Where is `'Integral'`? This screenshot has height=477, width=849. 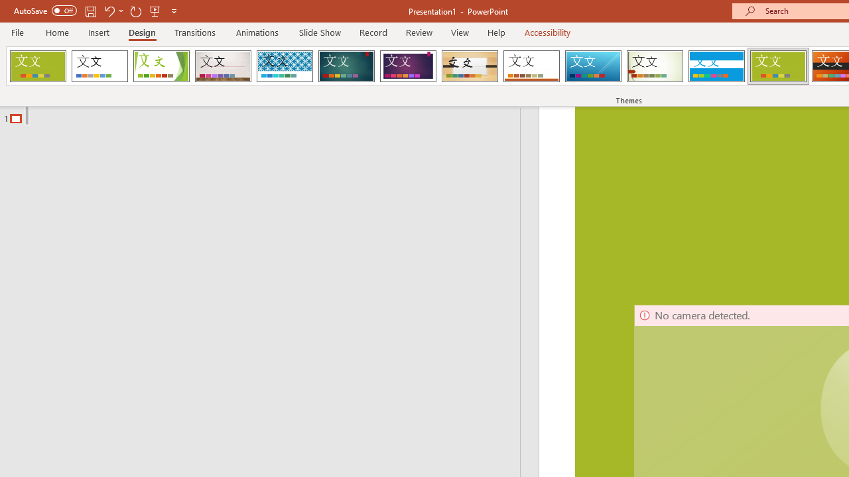 'Integral' is located at coordinates (284, 66).